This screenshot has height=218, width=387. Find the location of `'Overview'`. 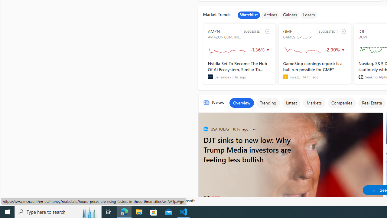

'Overview' is located at coordinates (241, 102).